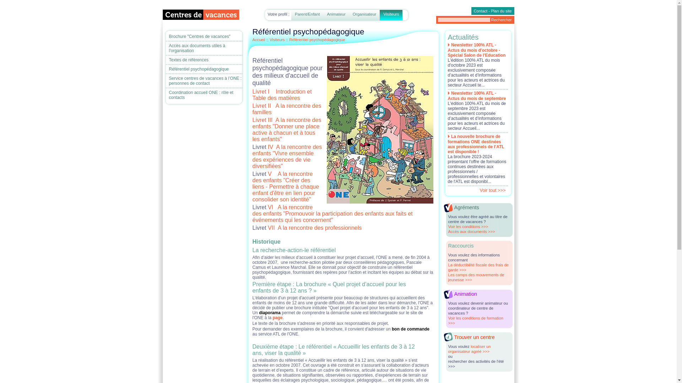 The width and height of the screenshot is (682, 383). I want to click on 'Organisateur', so click(349, 17).